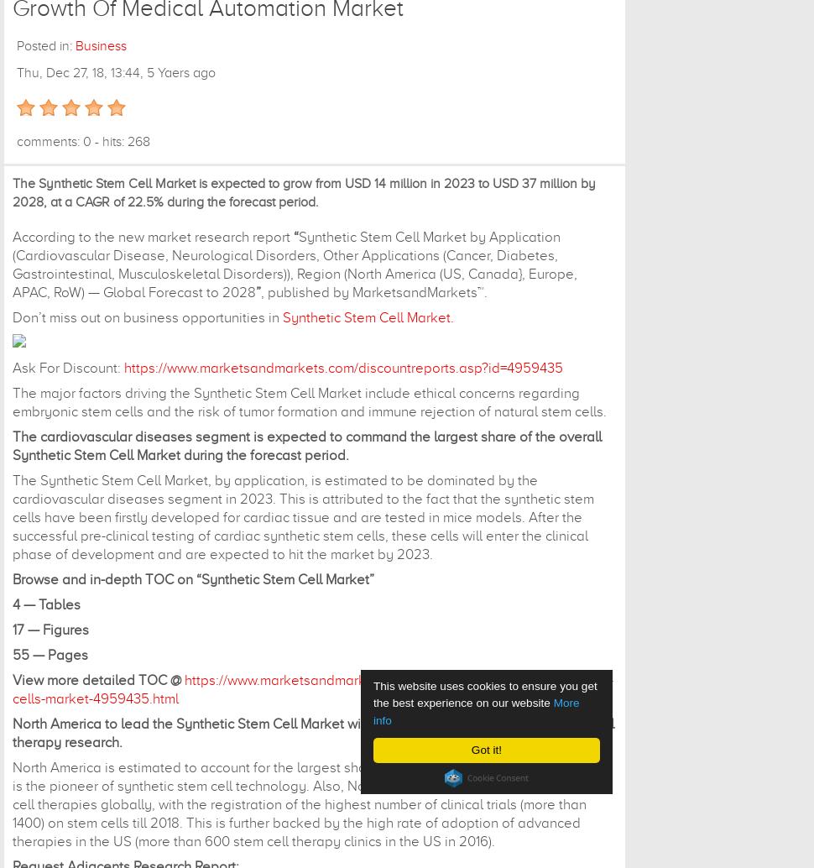  I want to click on 'View more detailed TOC @', so click(98, 679).